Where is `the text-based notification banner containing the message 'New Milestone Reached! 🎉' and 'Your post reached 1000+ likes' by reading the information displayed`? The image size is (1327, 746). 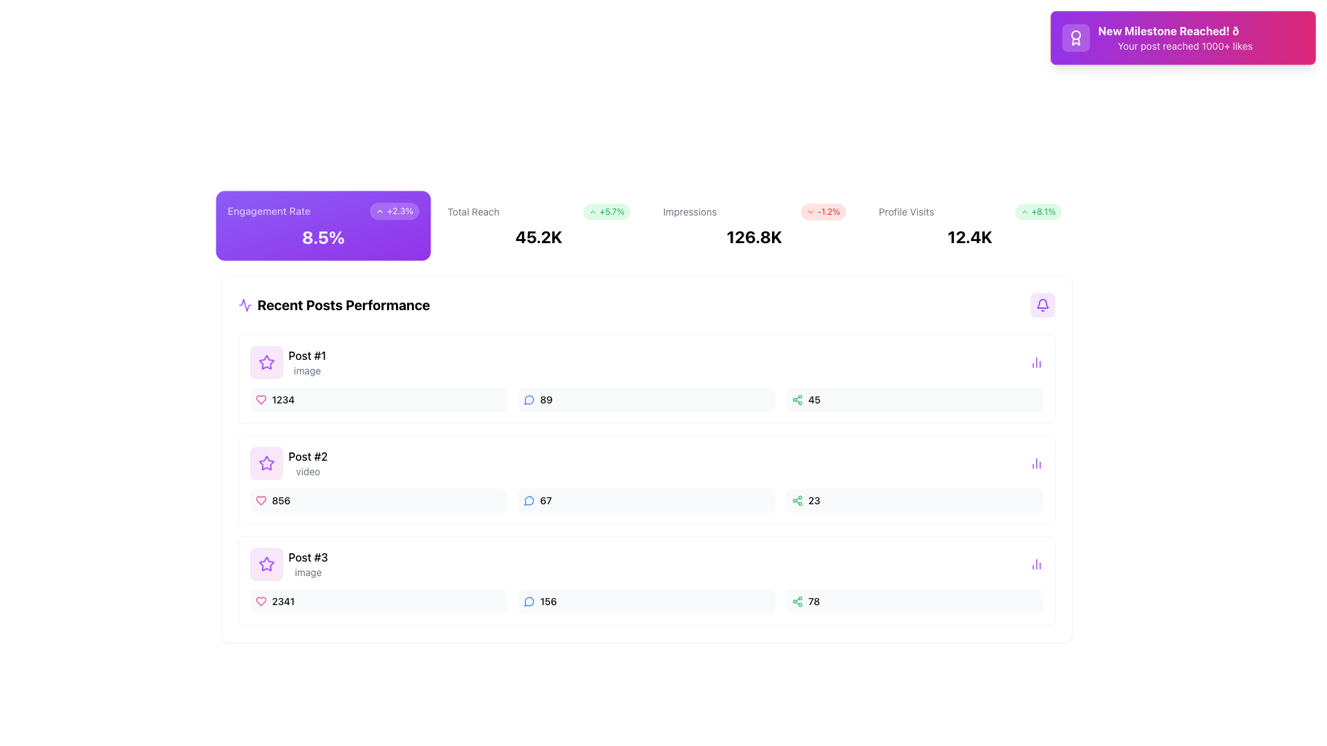
the text-based notification banner containing the message 'New Milestone Reached! 🎉' and 'Your post reached 1000+ likes' by reading the information displayed is located at coordinates (1184, 37).